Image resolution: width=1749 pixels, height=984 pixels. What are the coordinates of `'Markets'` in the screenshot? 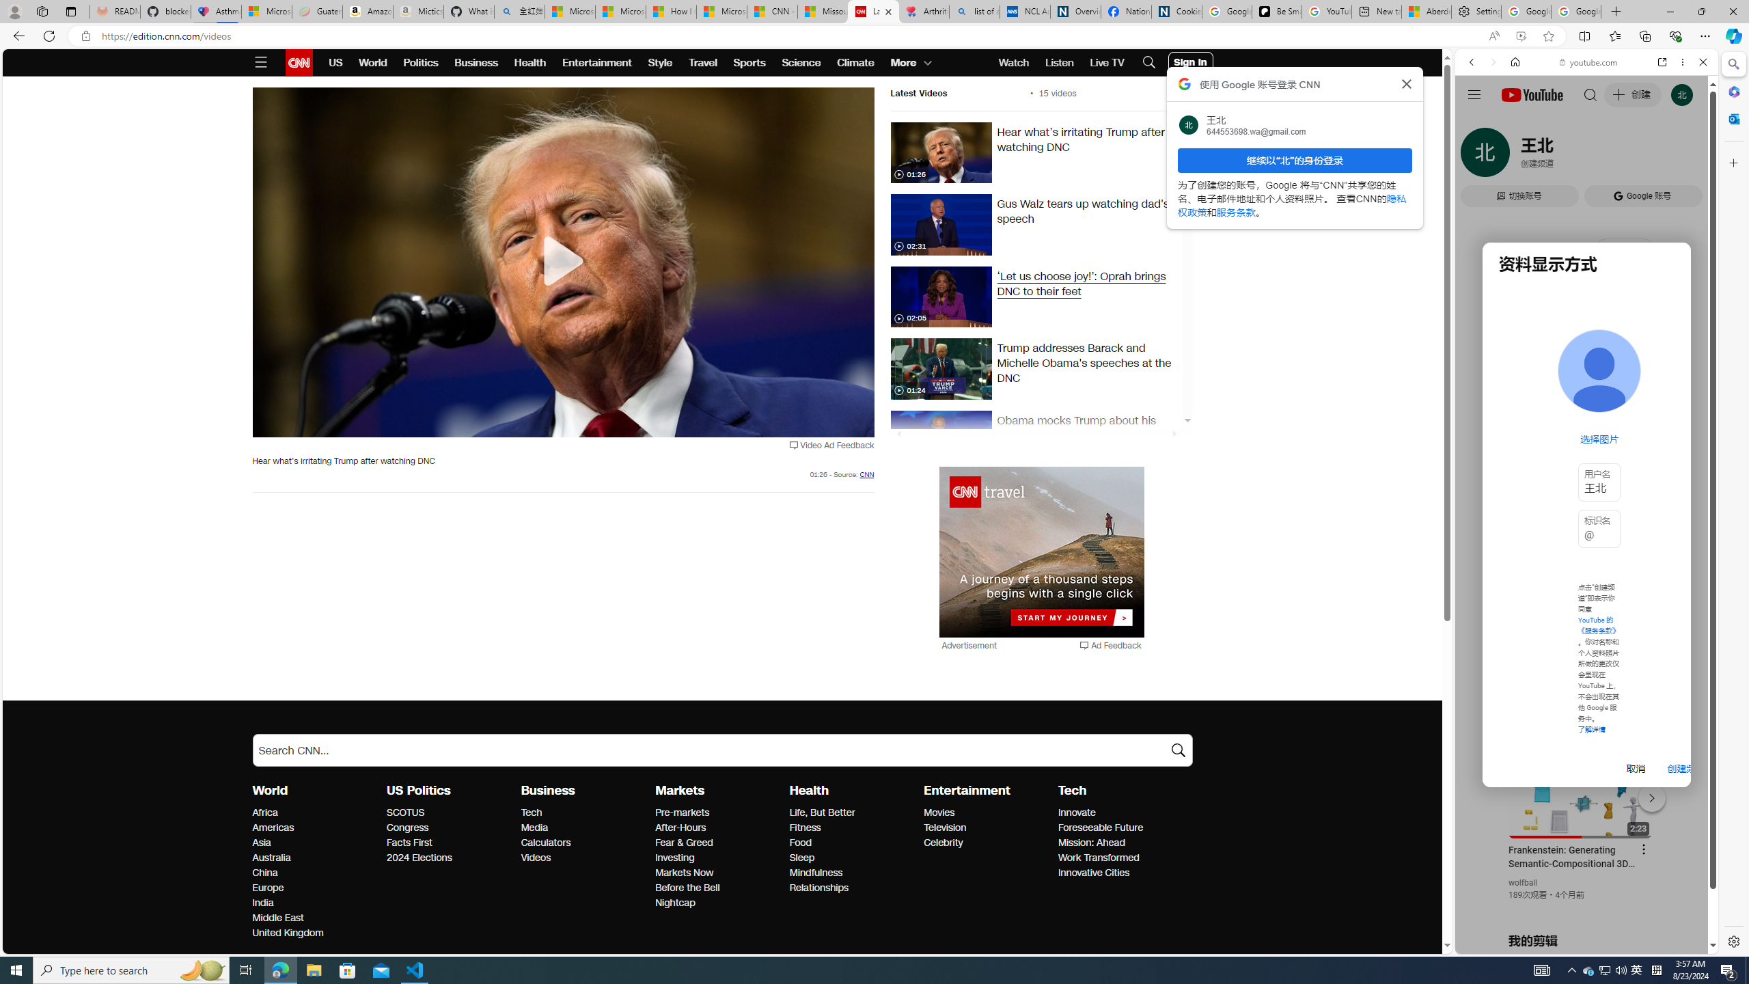 It's located at (679, 790).